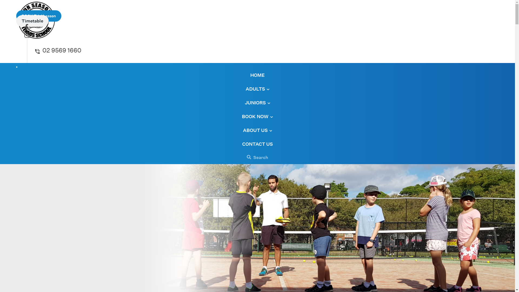 The height and width of the screenshot is (292, 519). Describe the element at coordinates (32, 21) in the screenshot. I see `'Timetable'` at that location.